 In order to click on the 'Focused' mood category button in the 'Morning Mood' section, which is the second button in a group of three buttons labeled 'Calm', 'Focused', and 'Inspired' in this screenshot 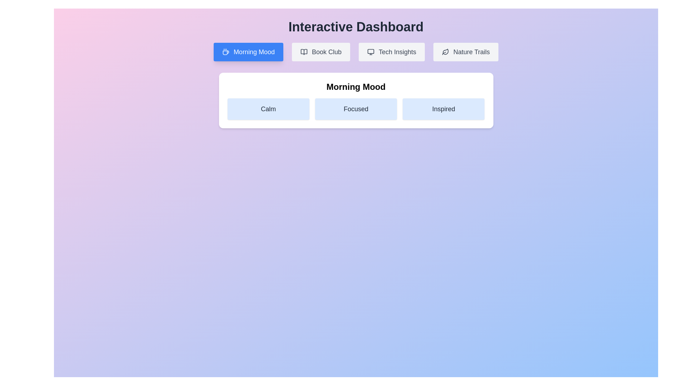, I will do `click(356, 109)`.